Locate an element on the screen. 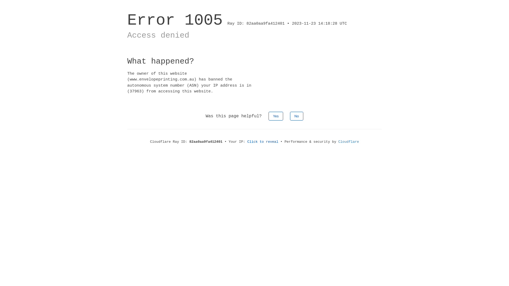  'Yes' is located at coordinates (276, 116).